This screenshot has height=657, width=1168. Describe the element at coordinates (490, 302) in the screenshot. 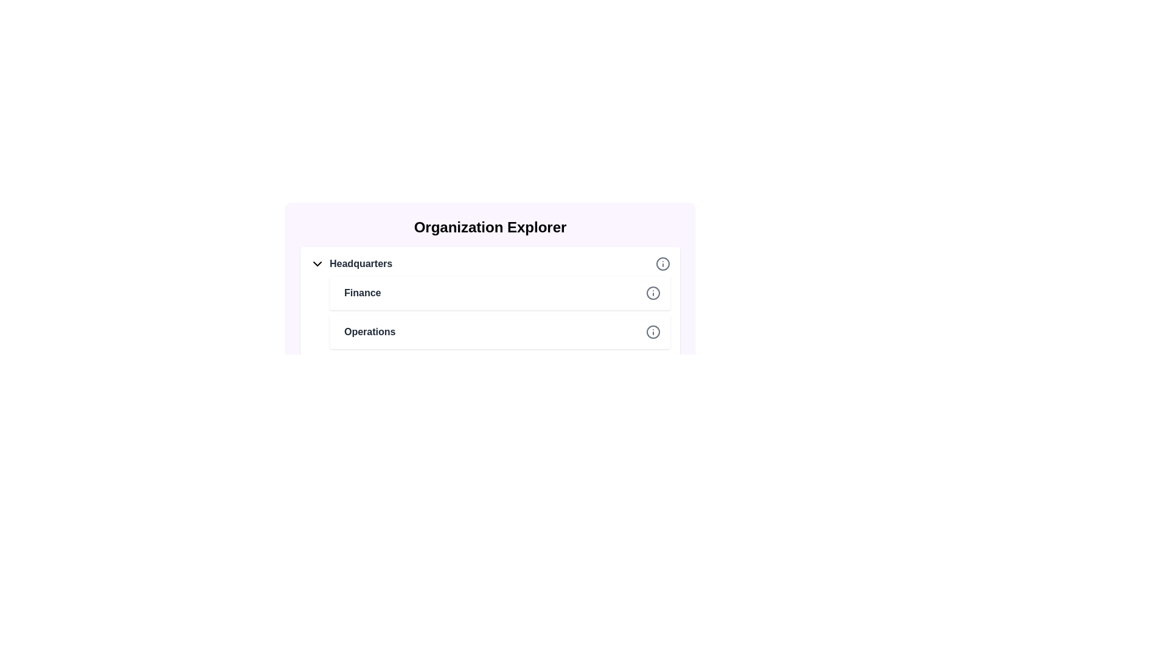

I see `the 'Finance' submenu card located in the 'Headquarters' category` at that location.